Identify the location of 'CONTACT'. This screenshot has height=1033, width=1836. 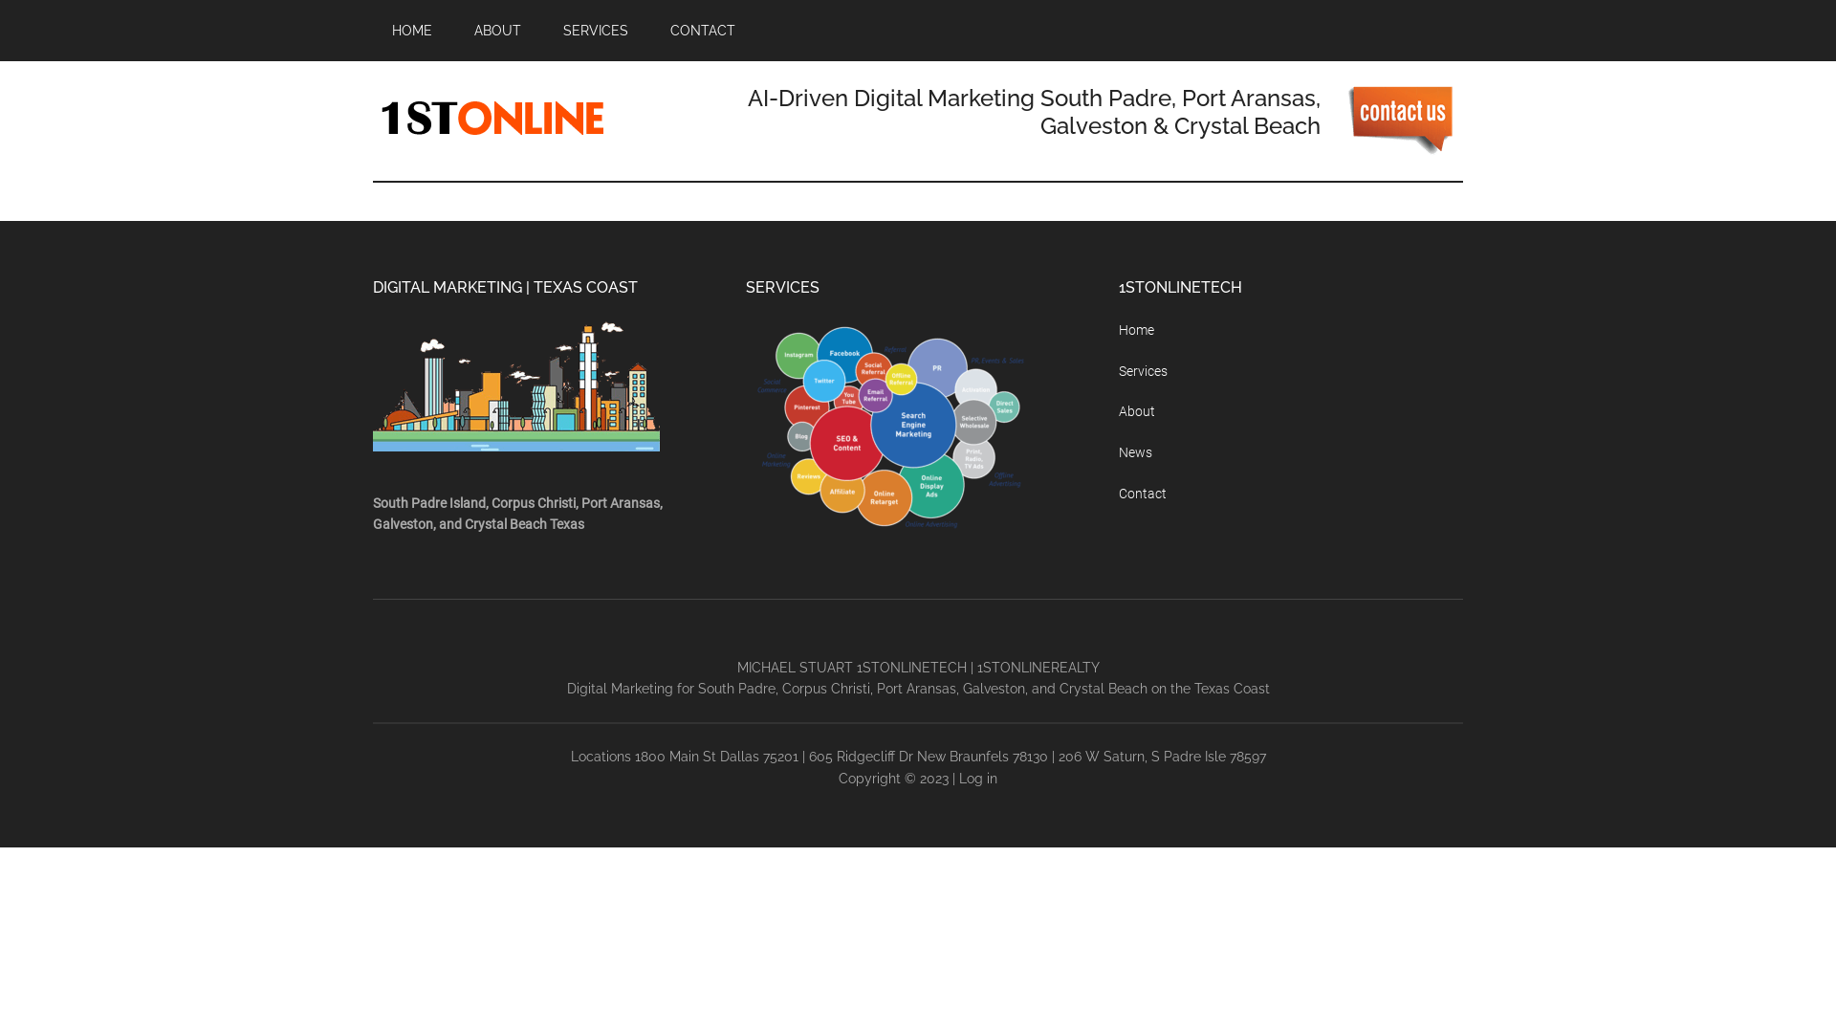
(701, 30).